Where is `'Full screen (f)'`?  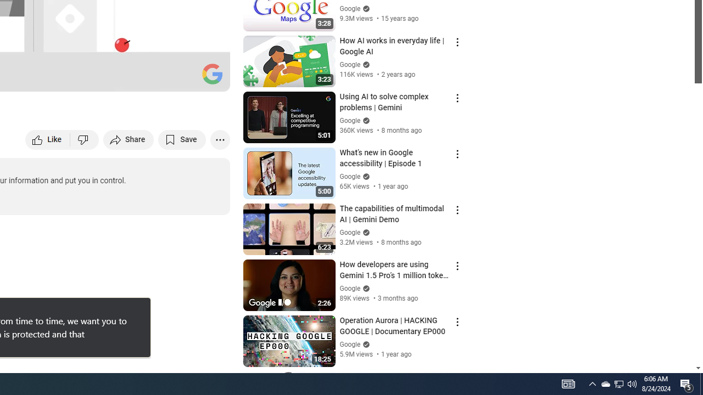
'Full screen (f)' is located at coordinates (210, 77).